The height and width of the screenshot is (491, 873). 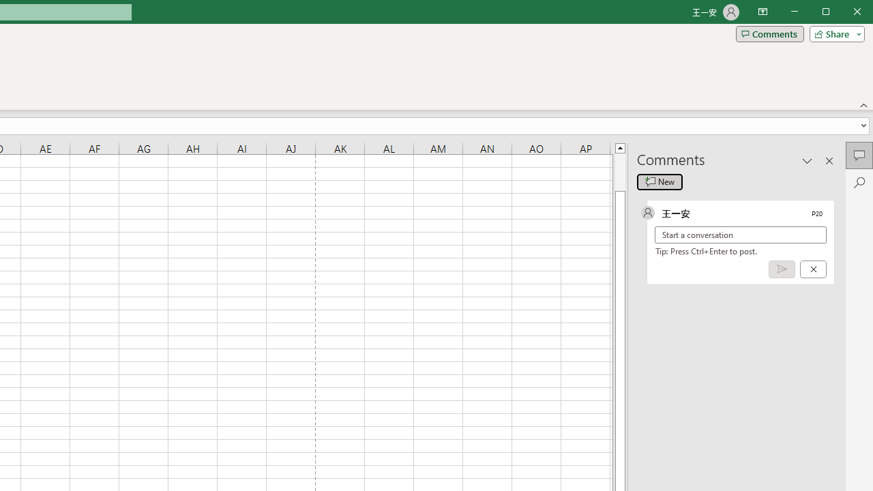 I want to click on 'Page up', so click(x=619, y=171).